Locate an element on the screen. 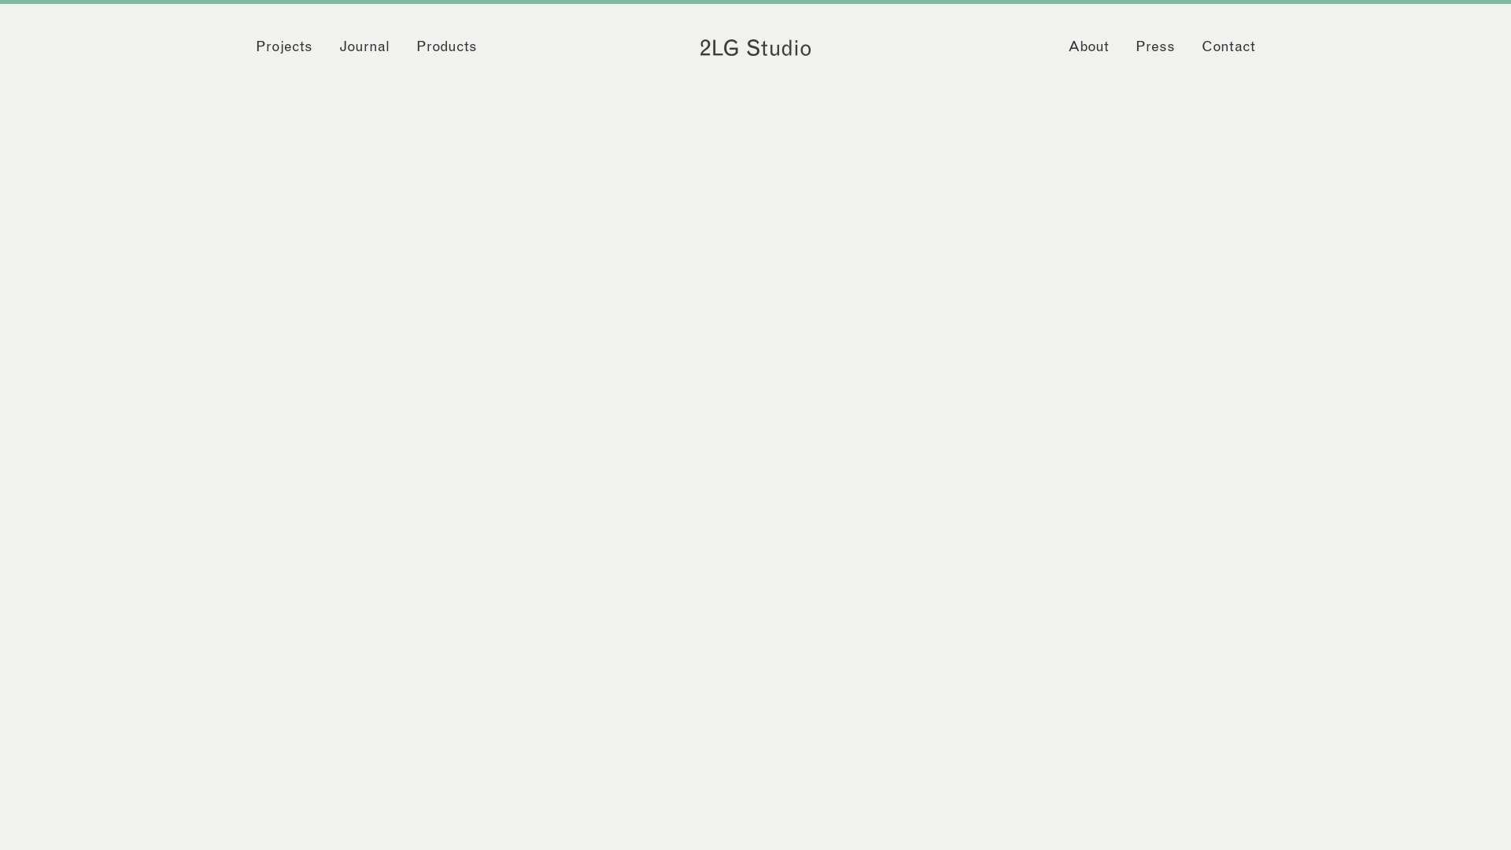 The height and width of the screenshot is (850, 1511). 'Projects' is located at coordinates (283, 46).